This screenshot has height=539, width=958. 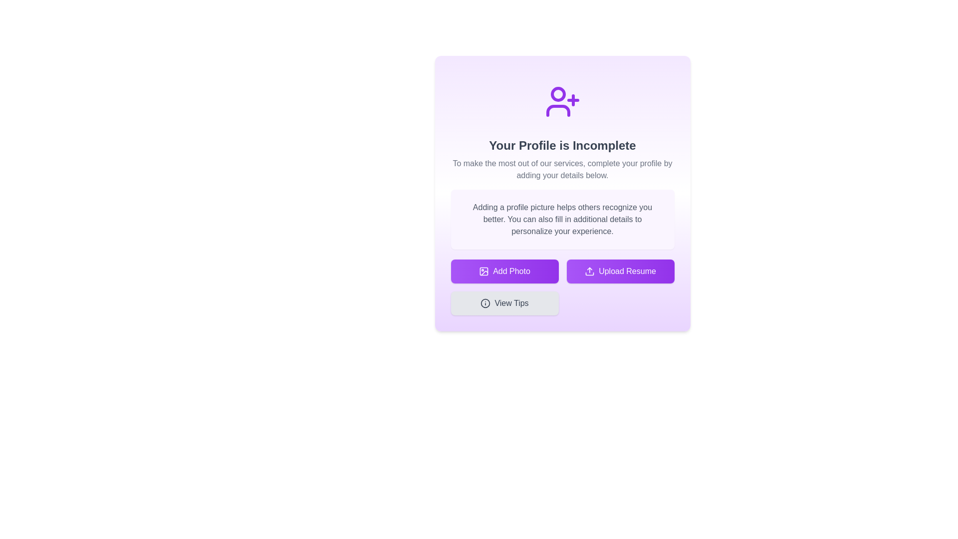 I want to click on the icon resembling a picture frame located to the left of the 'Add Photo' button text, so click(x=484, y=271).